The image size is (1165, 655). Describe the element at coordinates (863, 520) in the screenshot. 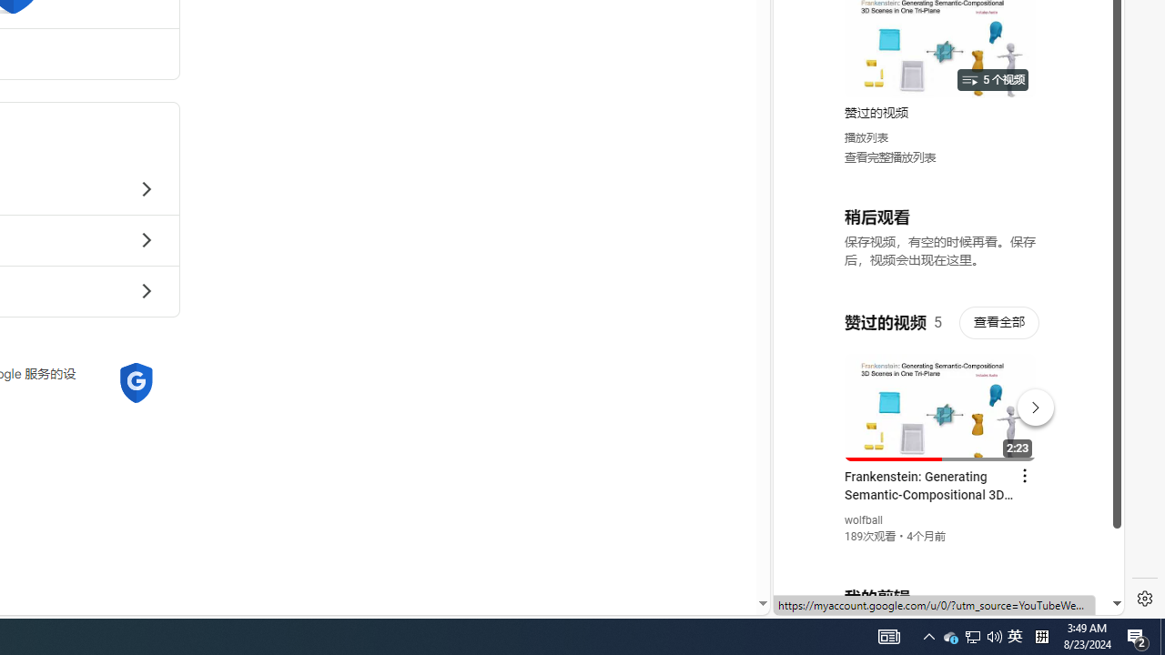

I see `'wolfball'` at that location.